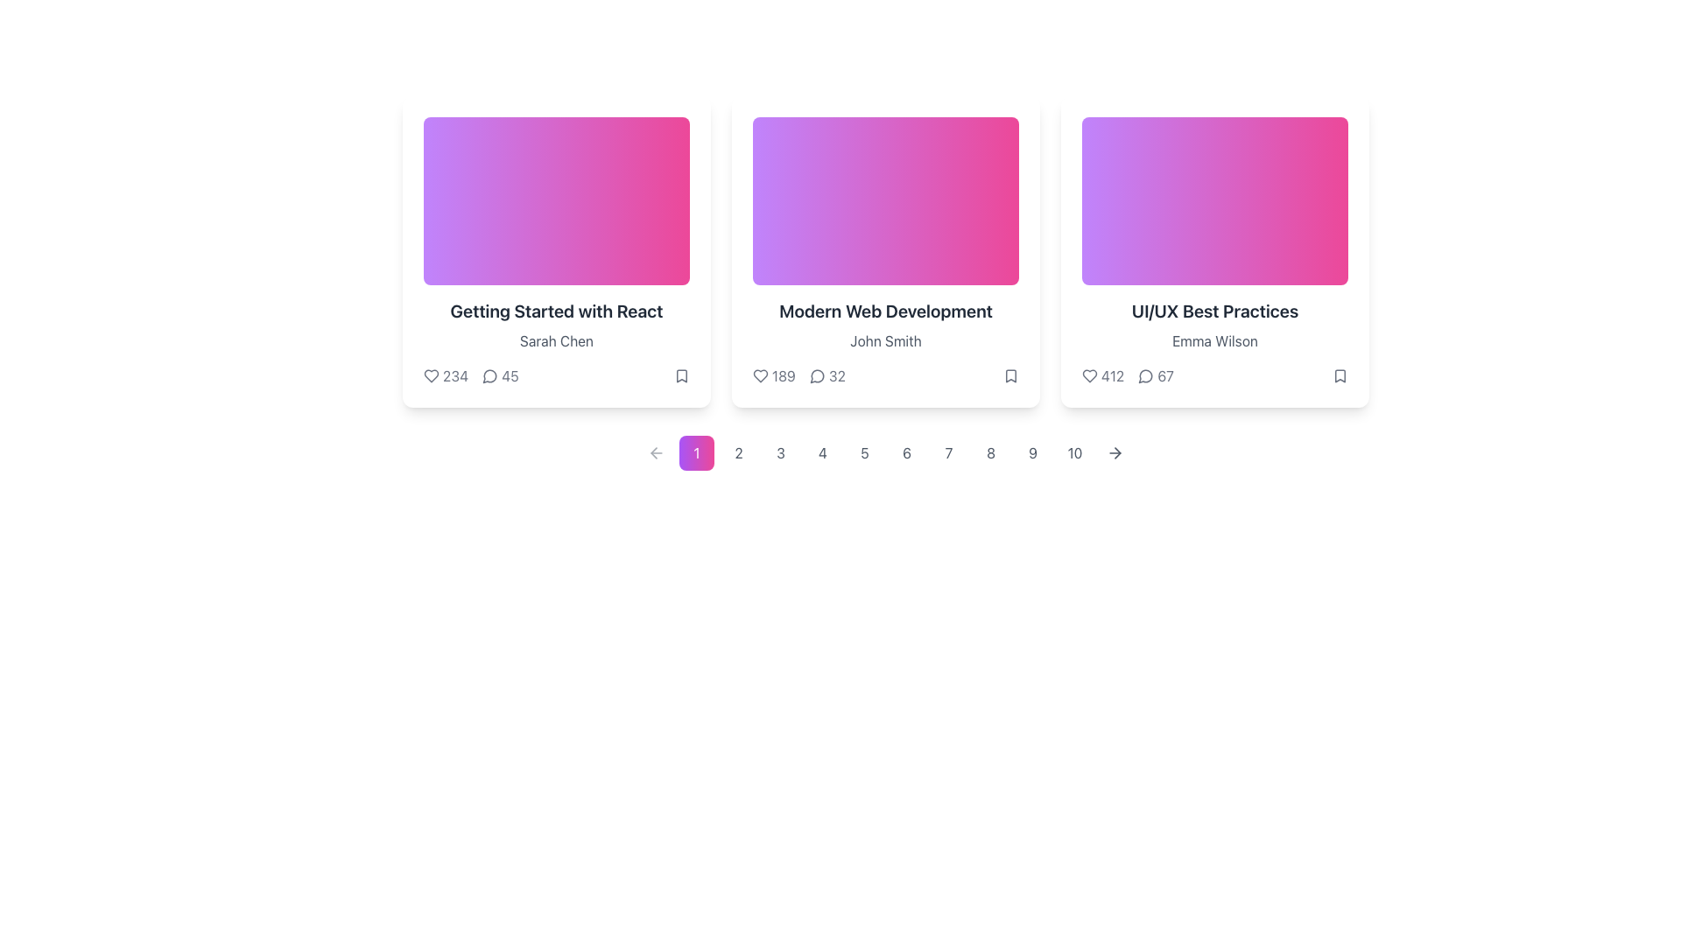 The height and width of the screenshot is (945, 1681). What do you see at coordinates (1213, 340) in the screenshot?
I see `the Text label displaying the author or creator's name, located directly below the title 'UI/UX Best Practices' in the third card of the card grid` at bounding box center [1213, 340].